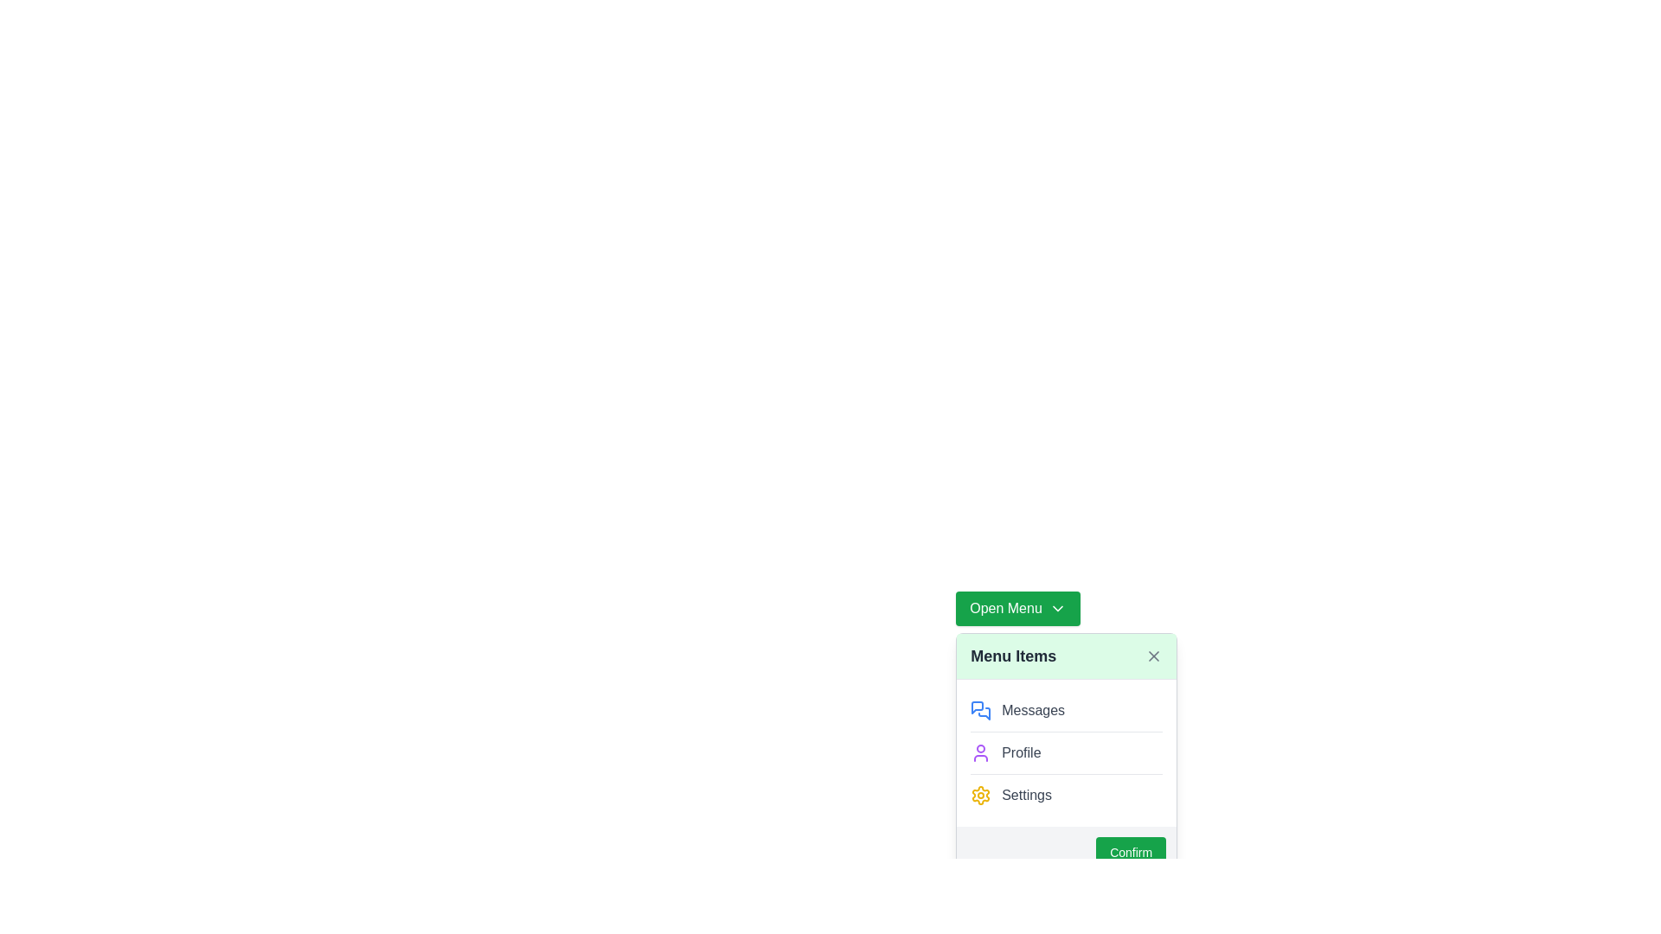 The image size is (1661, 934). What do you see at coordinates (1131, 852) in the screenshot?
I see `the confirmation button located at the bottom-right corner of the 'Menu Items' dropdown menu` at bounding box center [1131, 852].